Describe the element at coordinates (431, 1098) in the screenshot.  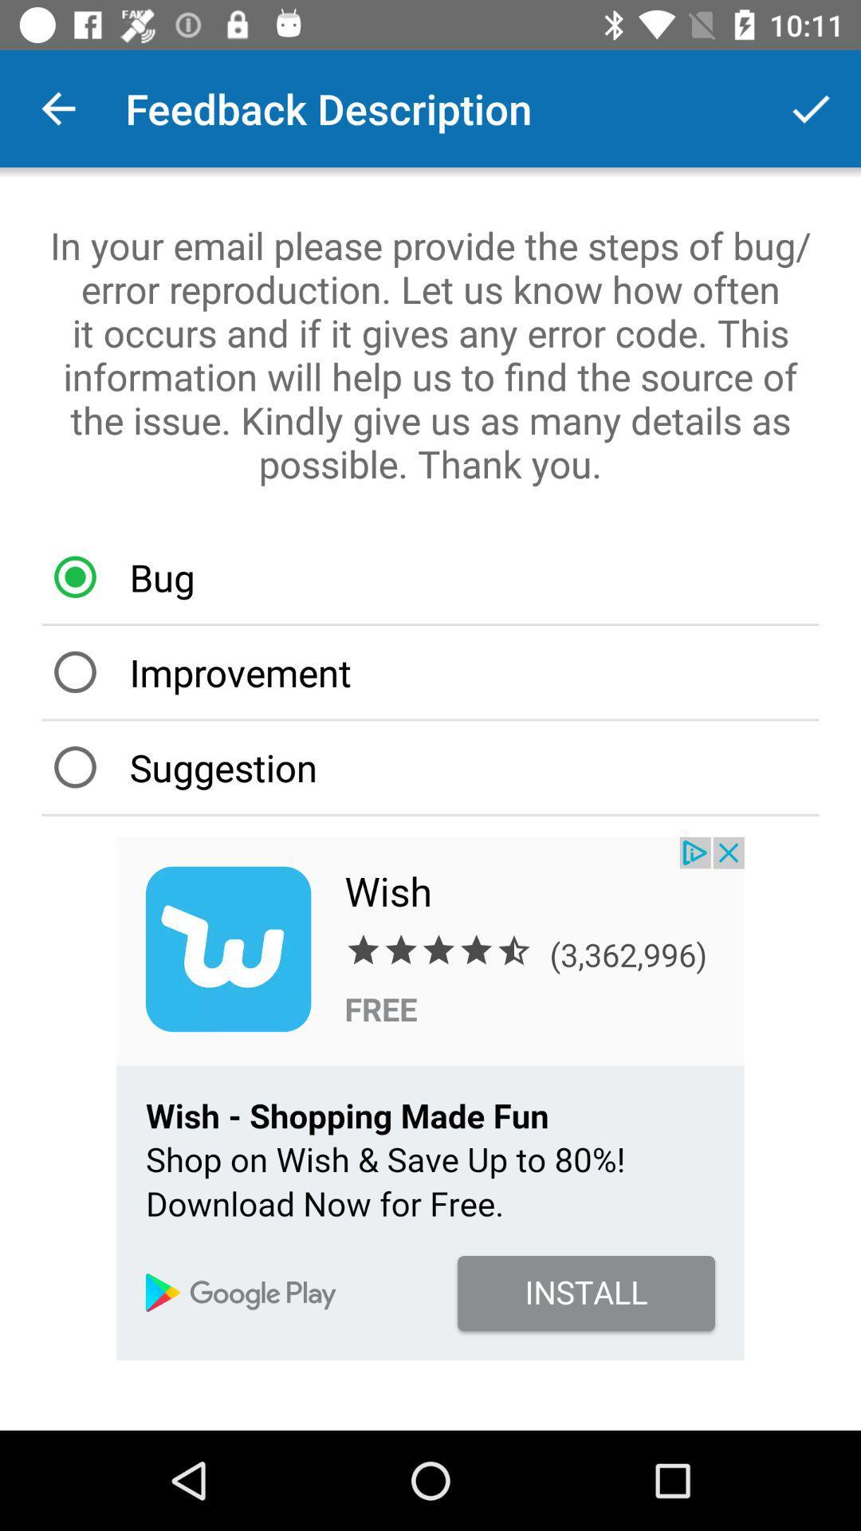
I see `advertisements website` at that location.